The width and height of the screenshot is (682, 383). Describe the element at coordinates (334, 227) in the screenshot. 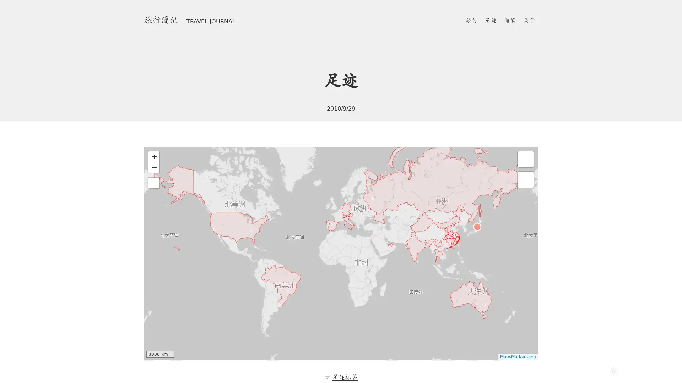

I see `5` at that location.